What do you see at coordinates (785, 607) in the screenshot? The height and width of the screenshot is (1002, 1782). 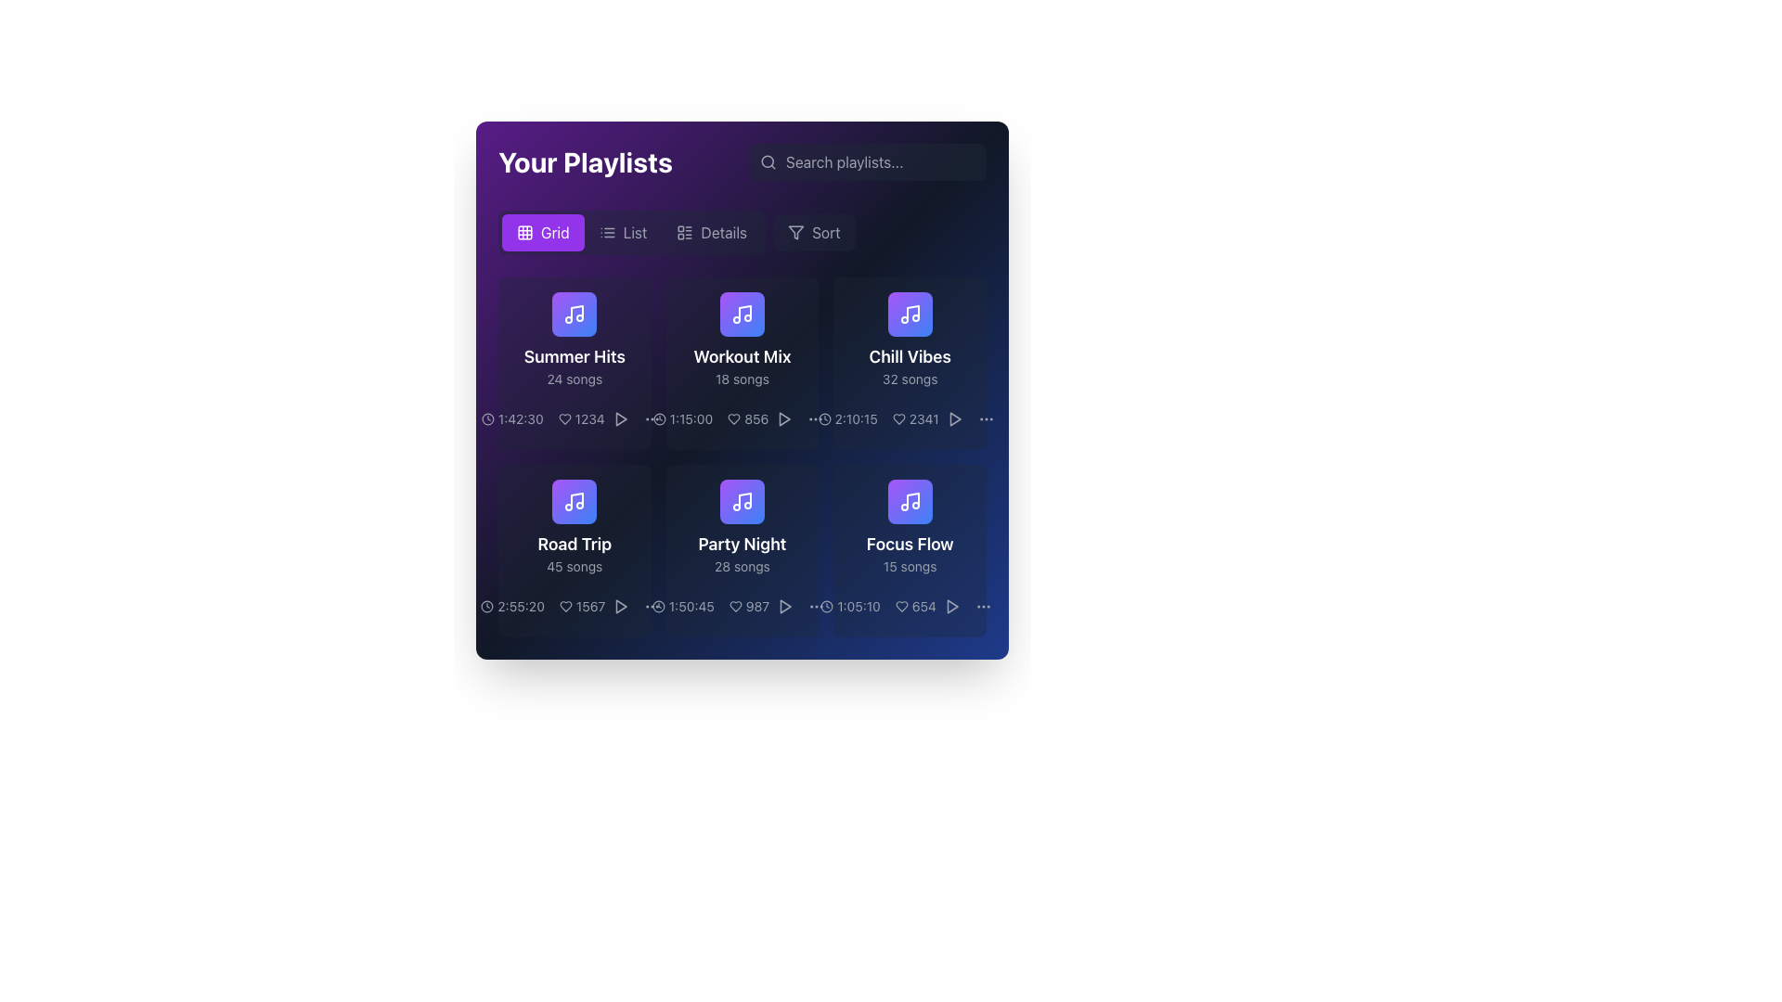 I see `the play button icon located in the bottom row, third column of the grid layout, which is represented by a triangular shape pointing right` at bounding box center [785, 607].